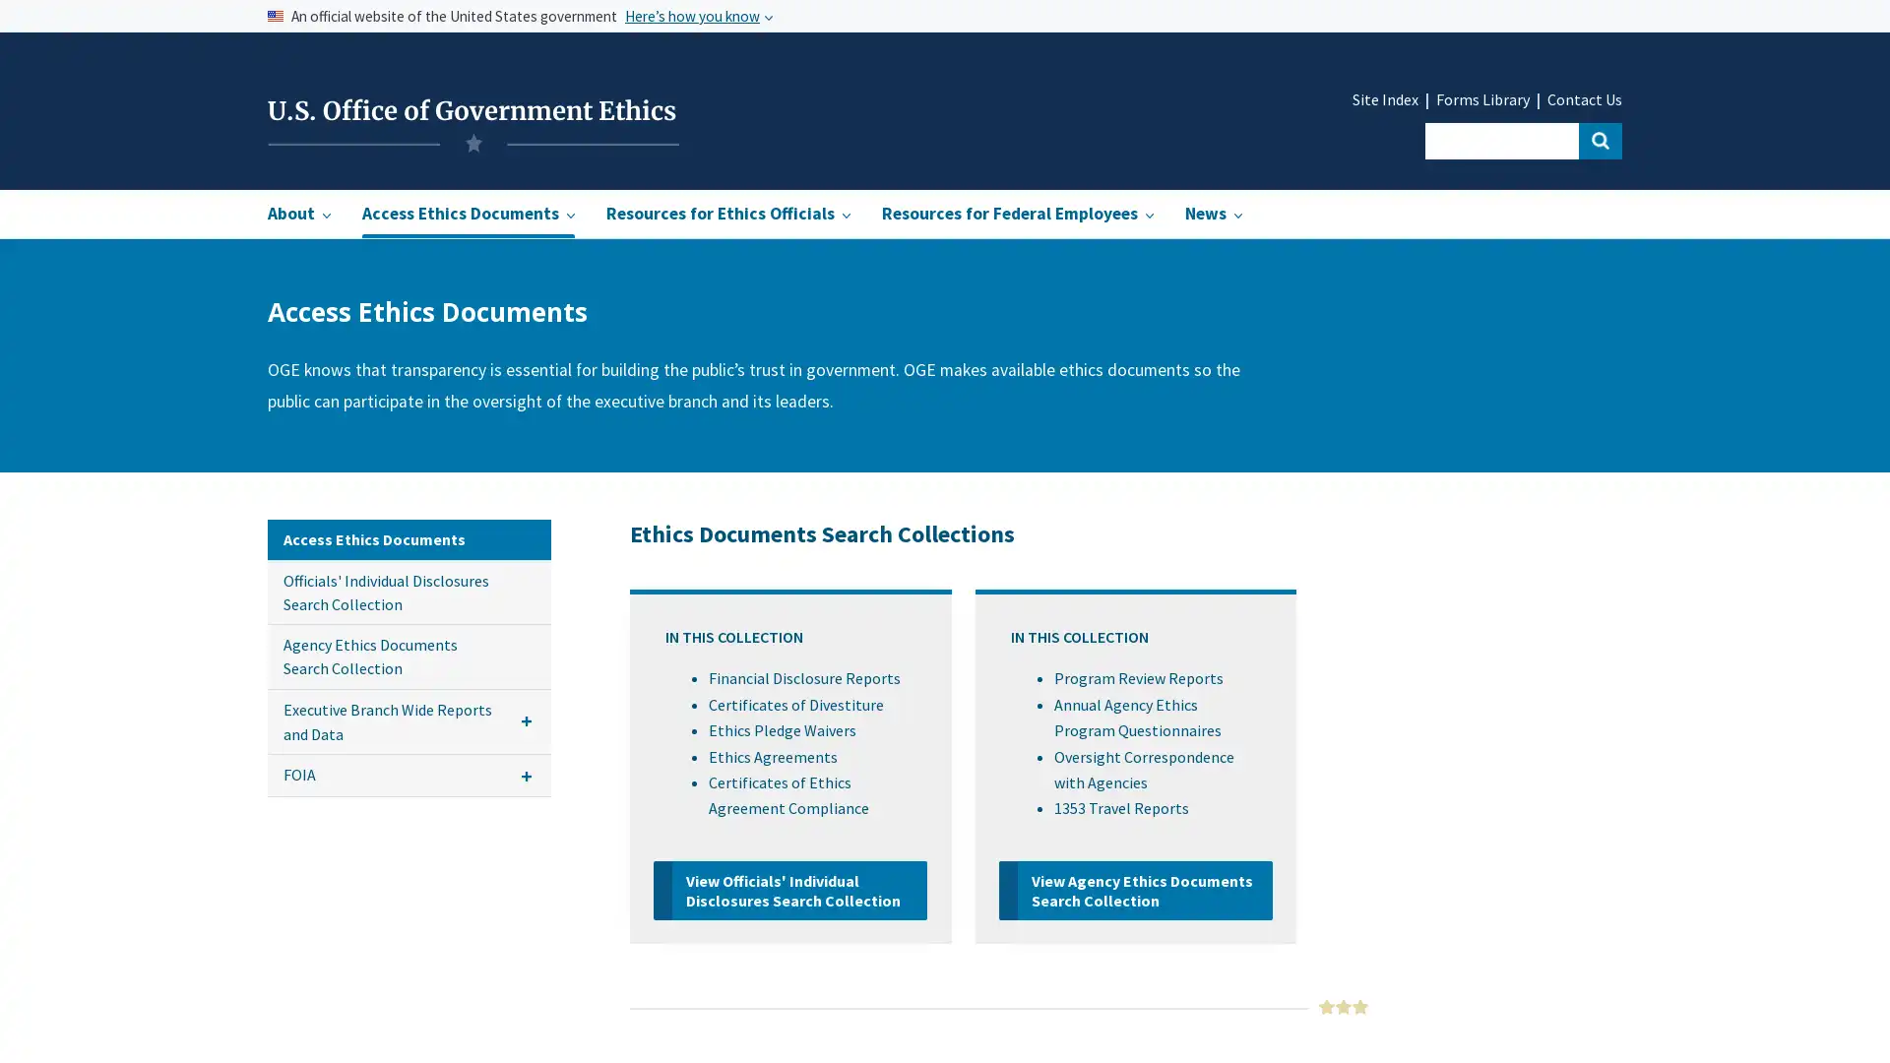  I want to click on Search, so click(1600, 139).